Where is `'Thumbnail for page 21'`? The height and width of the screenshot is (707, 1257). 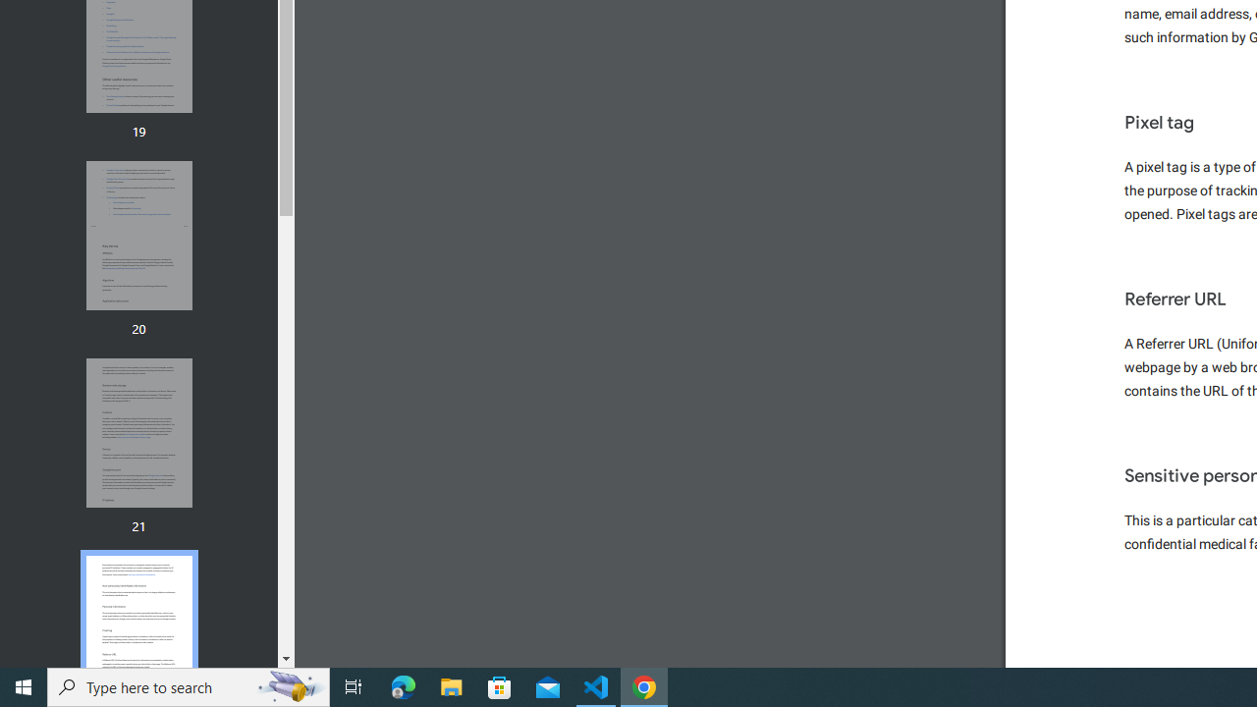
'Thumbnail for page 21' is located at coordinates (137, 432).